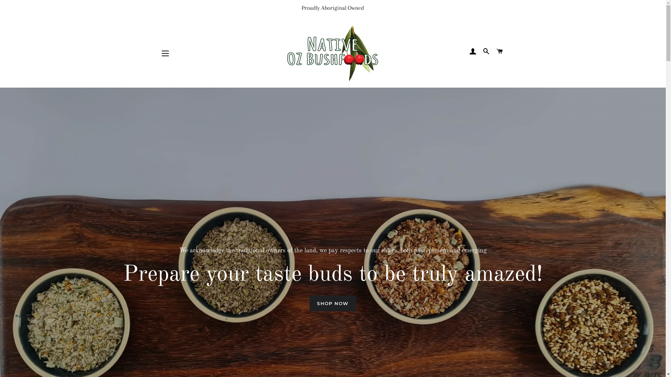 The width and height of the screenshot is (671, 377). What do you see at coordinates (165, 53) in the screenshot?
I see `'SITE NAVIGATION'` at bounding box center [165, 53].